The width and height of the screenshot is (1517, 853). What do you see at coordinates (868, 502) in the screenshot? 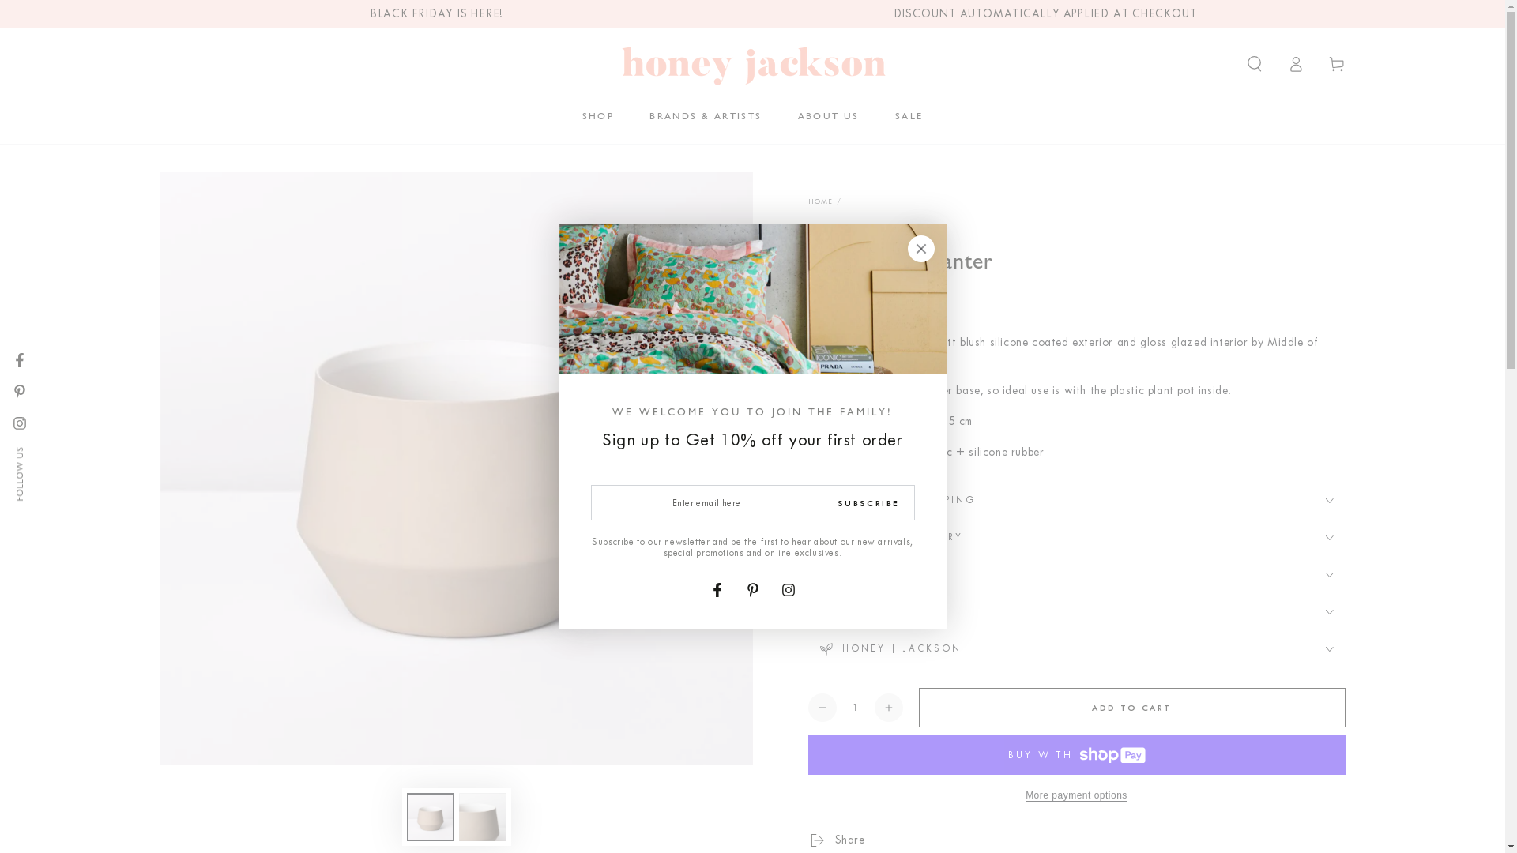
I see `'SUBSCRIBE'` at bounding box center [868, 502].